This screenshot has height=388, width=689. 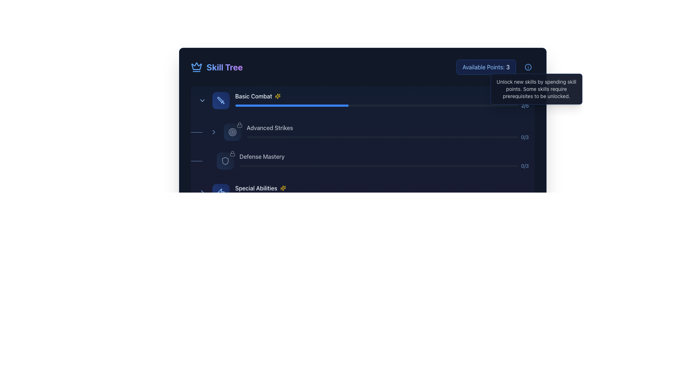 I want to click on the Chevron icon navigation indicator located in the middle-right section of the 'Skill Tree' interface, so click(x=213, y=132).